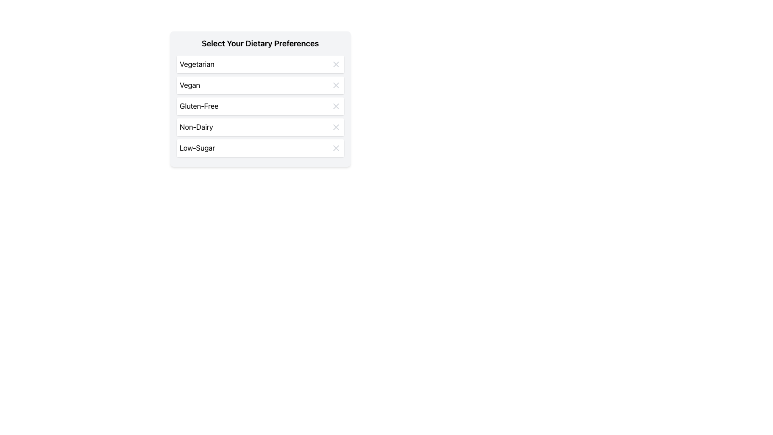 Image resolution: width=773 pixels, height=435 pixels. What do you see at coordinates (336, 64) in the screenshot?
I see `the close button styled as an 'X' located to the far right of the 'Vegetarian' text for potential visual feedback` at bounding box center [336, 64].